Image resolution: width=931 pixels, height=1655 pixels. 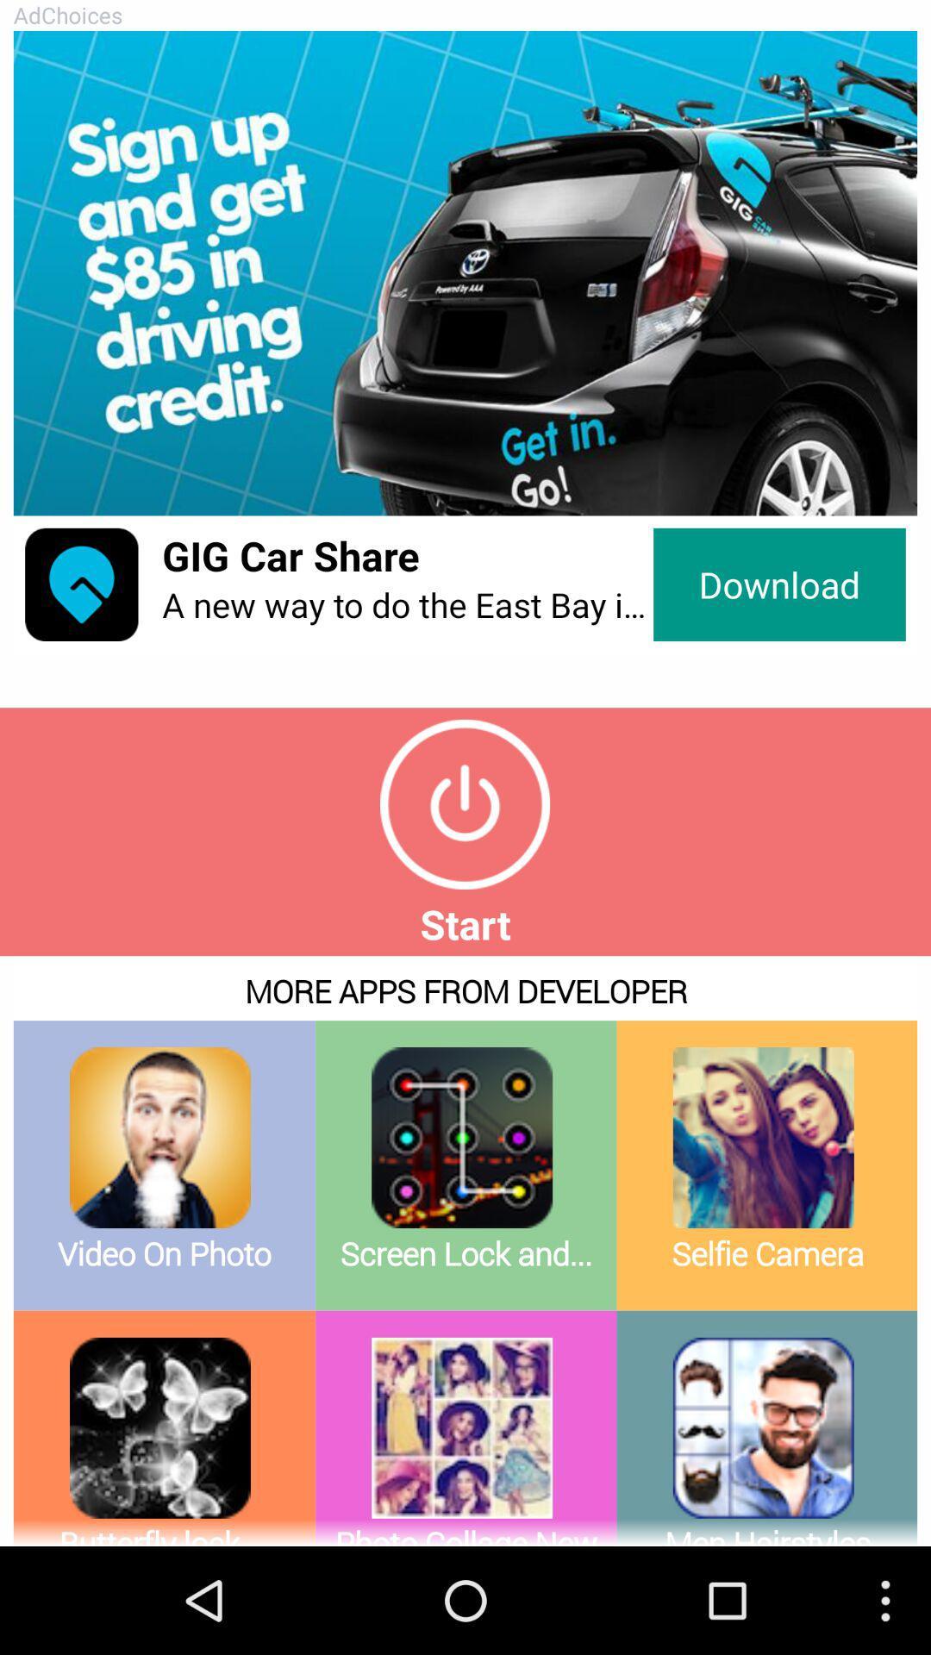 What do you see at coordinates (464, 803) in the screenshot?
I see `start` at bounding box center [464, 803].